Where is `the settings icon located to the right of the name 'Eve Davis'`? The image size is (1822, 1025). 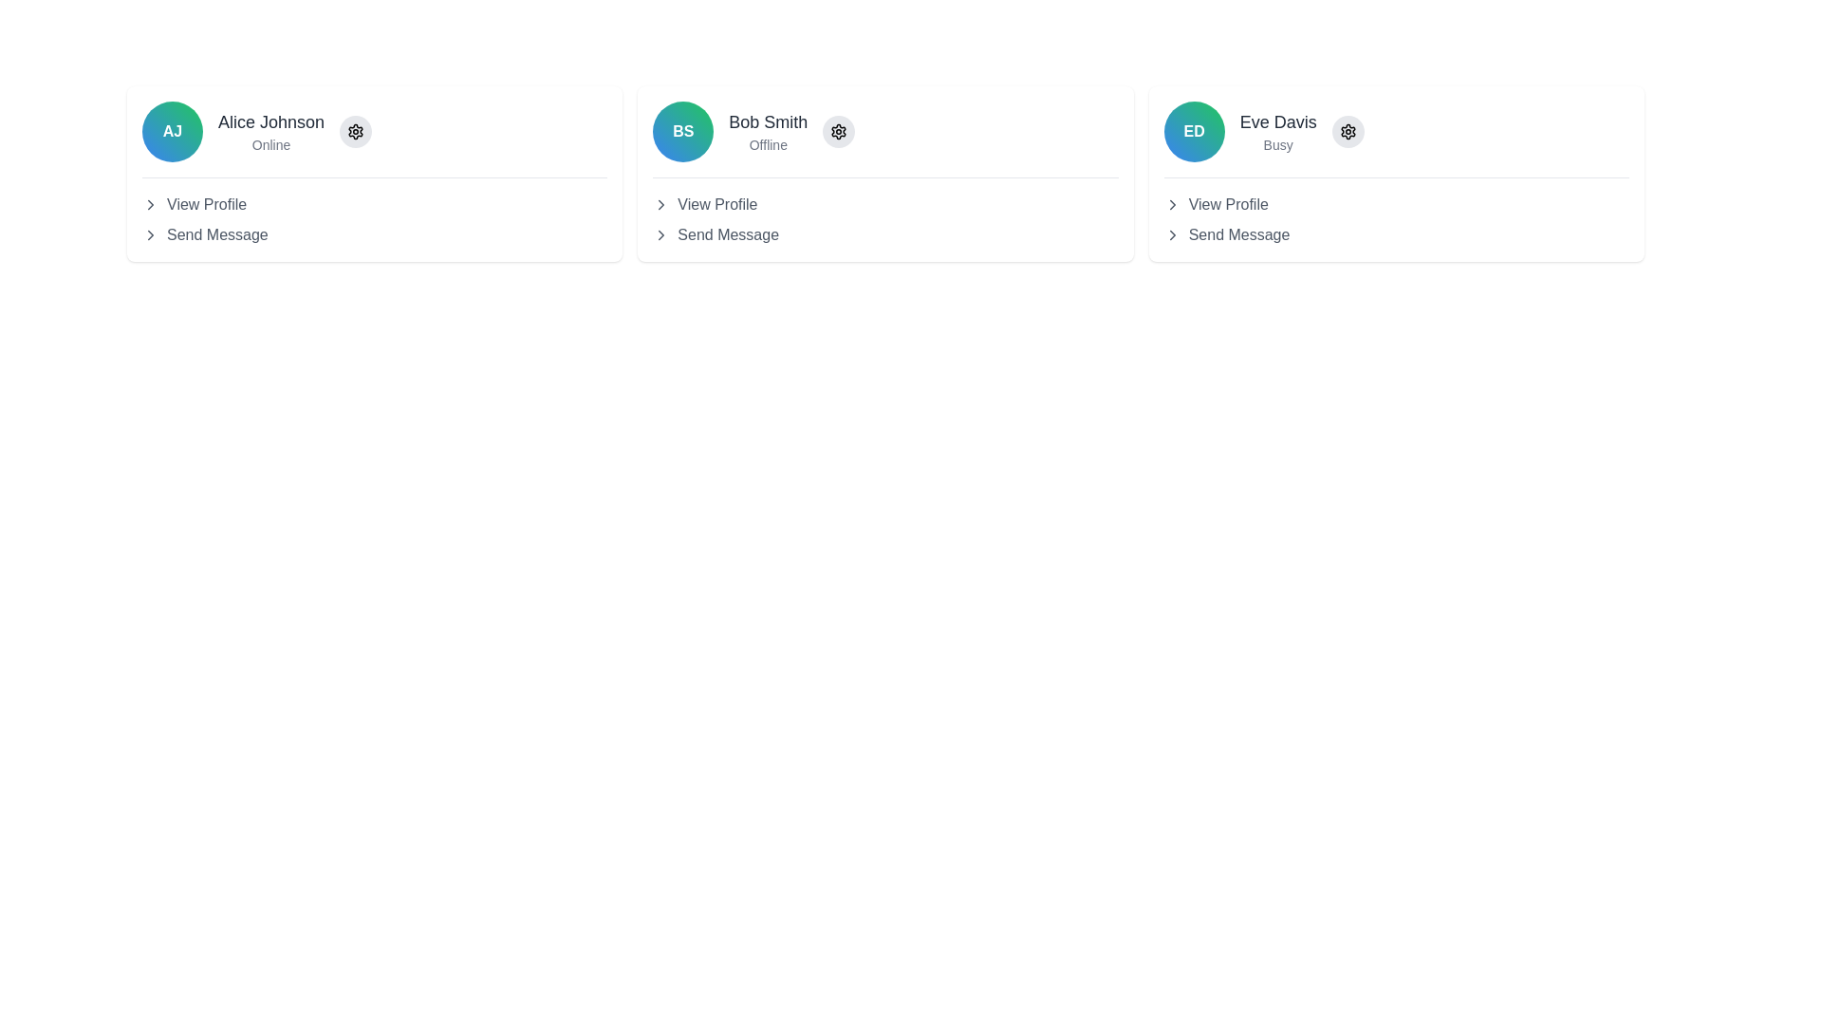
the settings icon located to the right of the name 'Eve Davis' is located at coordinates (1347, 130).